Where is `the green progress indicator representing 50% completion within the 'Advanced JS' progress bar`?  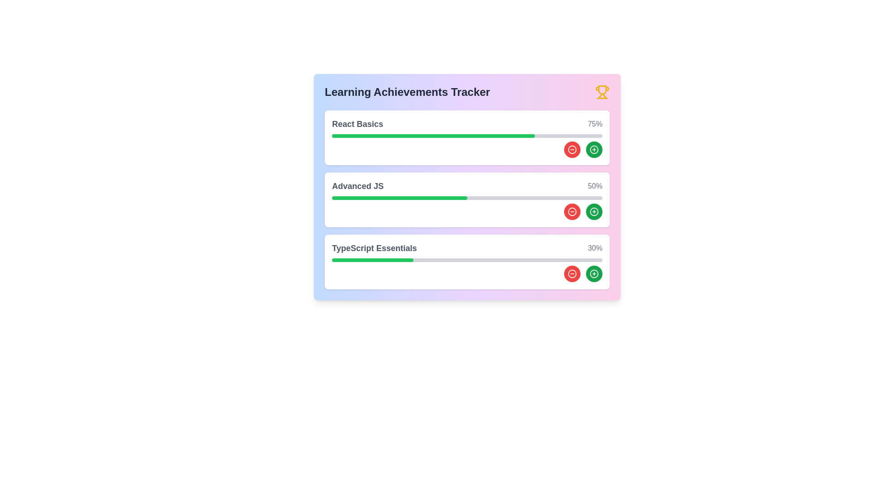
the green progress indicator representing 50% completion within the 'Advanced JS' progress bar is located at coordinates (399, 198).